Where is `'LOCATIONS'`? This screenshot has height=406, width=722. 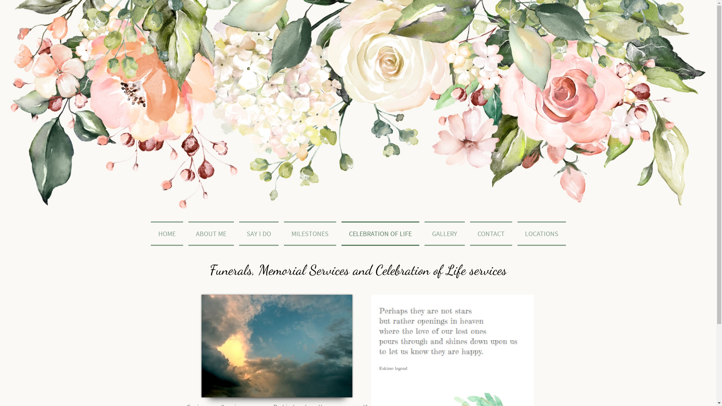
'LOCATIONS' is located at coordinates (541, 233).